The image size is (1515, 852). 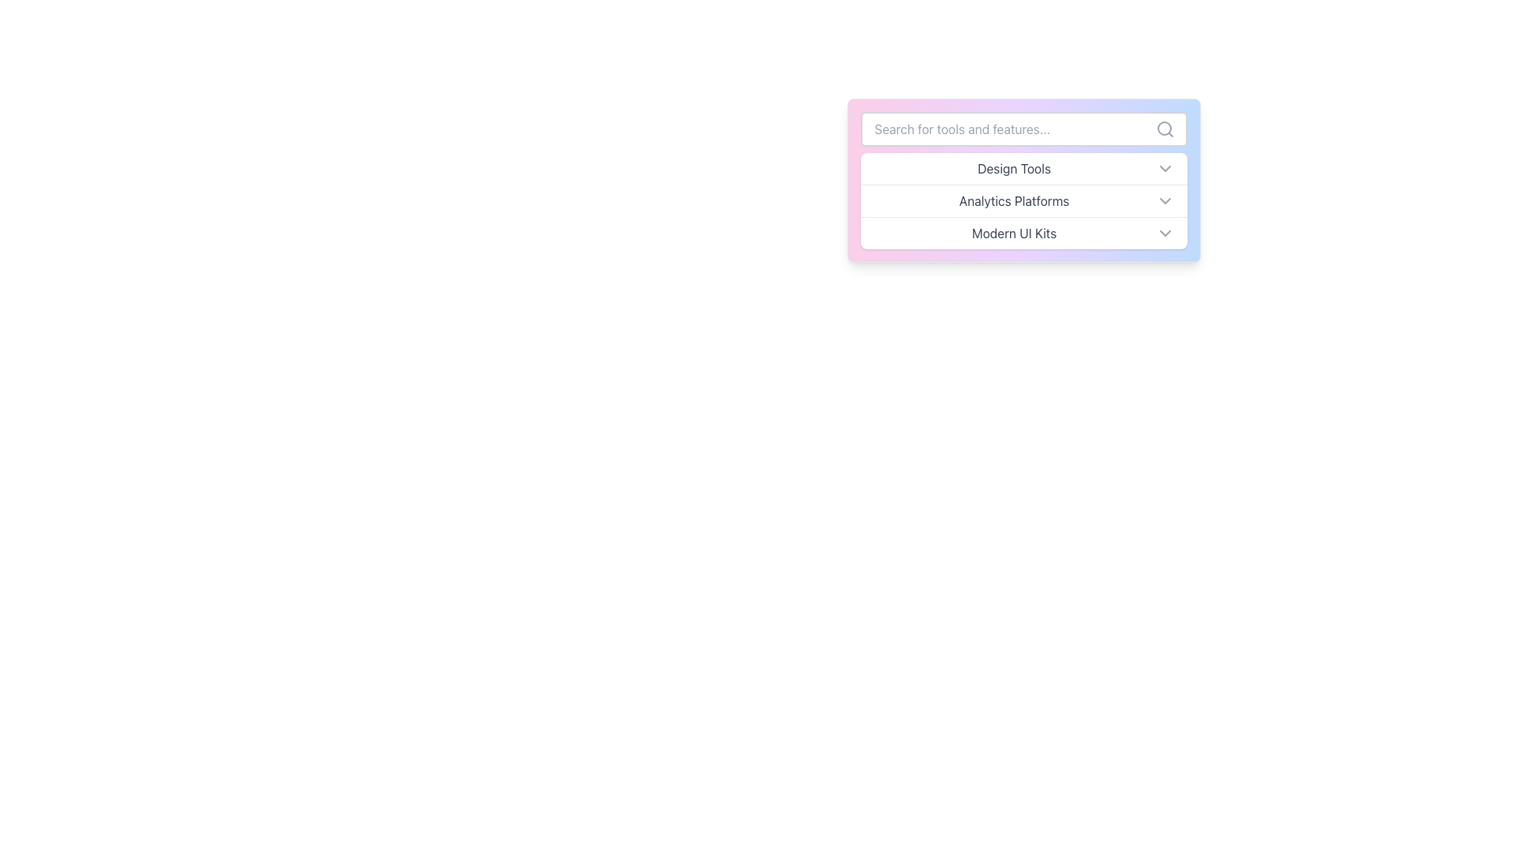 I want to click on the circular outlined search icon located in the top-right area of the search field, so click(x=1164, y=127).